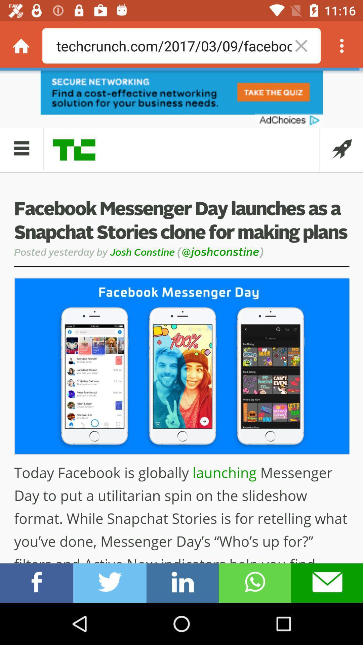  I want to click on open settings, so click(342, 45).